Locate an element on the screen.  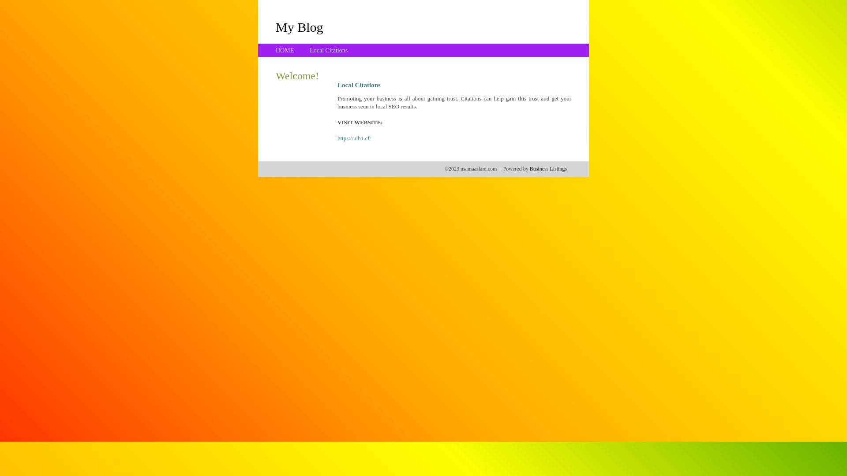
'Business Listings' is located at coordinates (548, 168).